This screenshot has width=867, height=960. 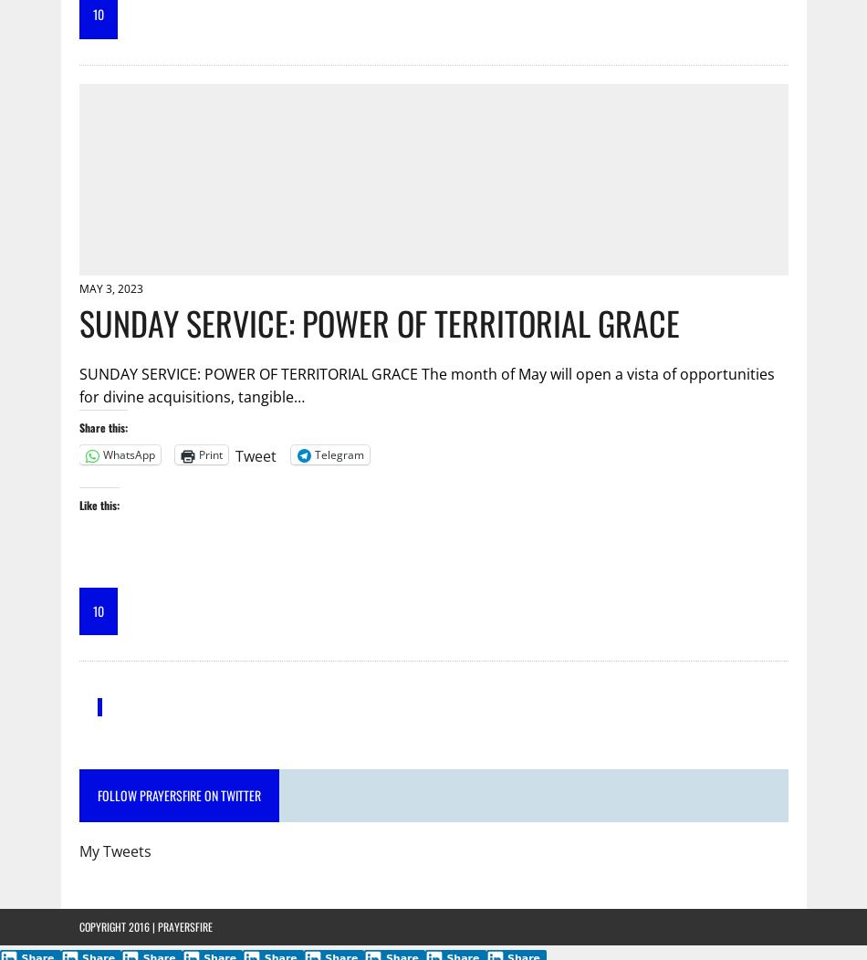 I want to click on 'Print', so click(x=209, y=454).